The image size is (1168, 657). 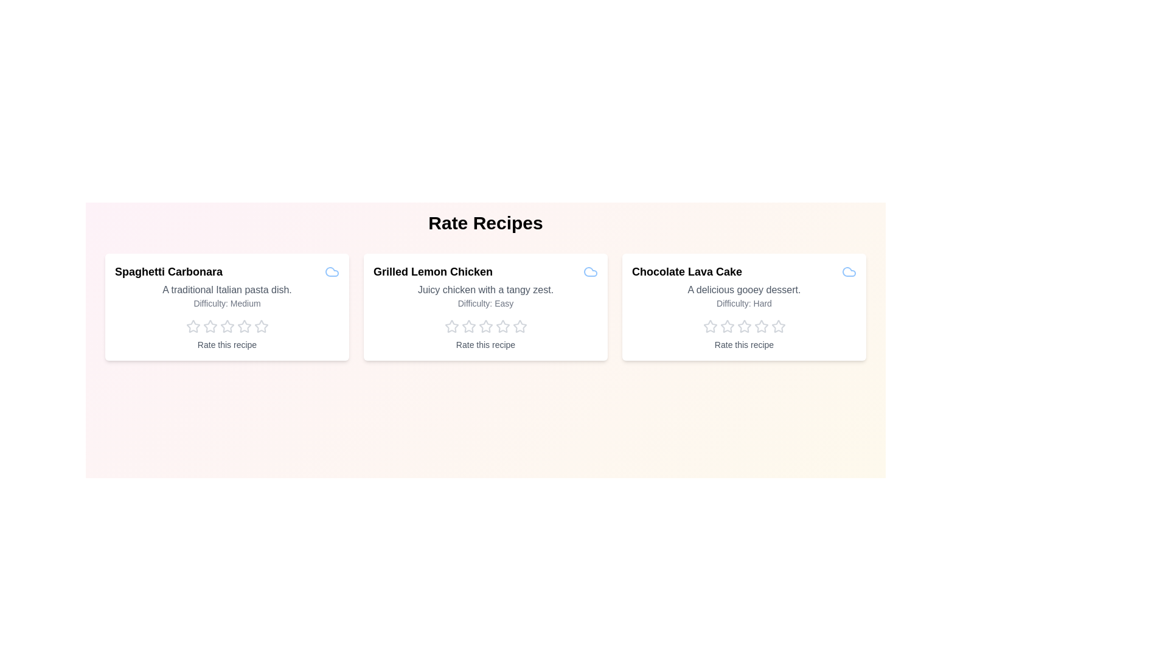 What do you see at coordinates (849, 271) in the screenshot?
I see `the cloud icon for Chocolate Lava Cake to access additional features` at bounding box center [849, 271].